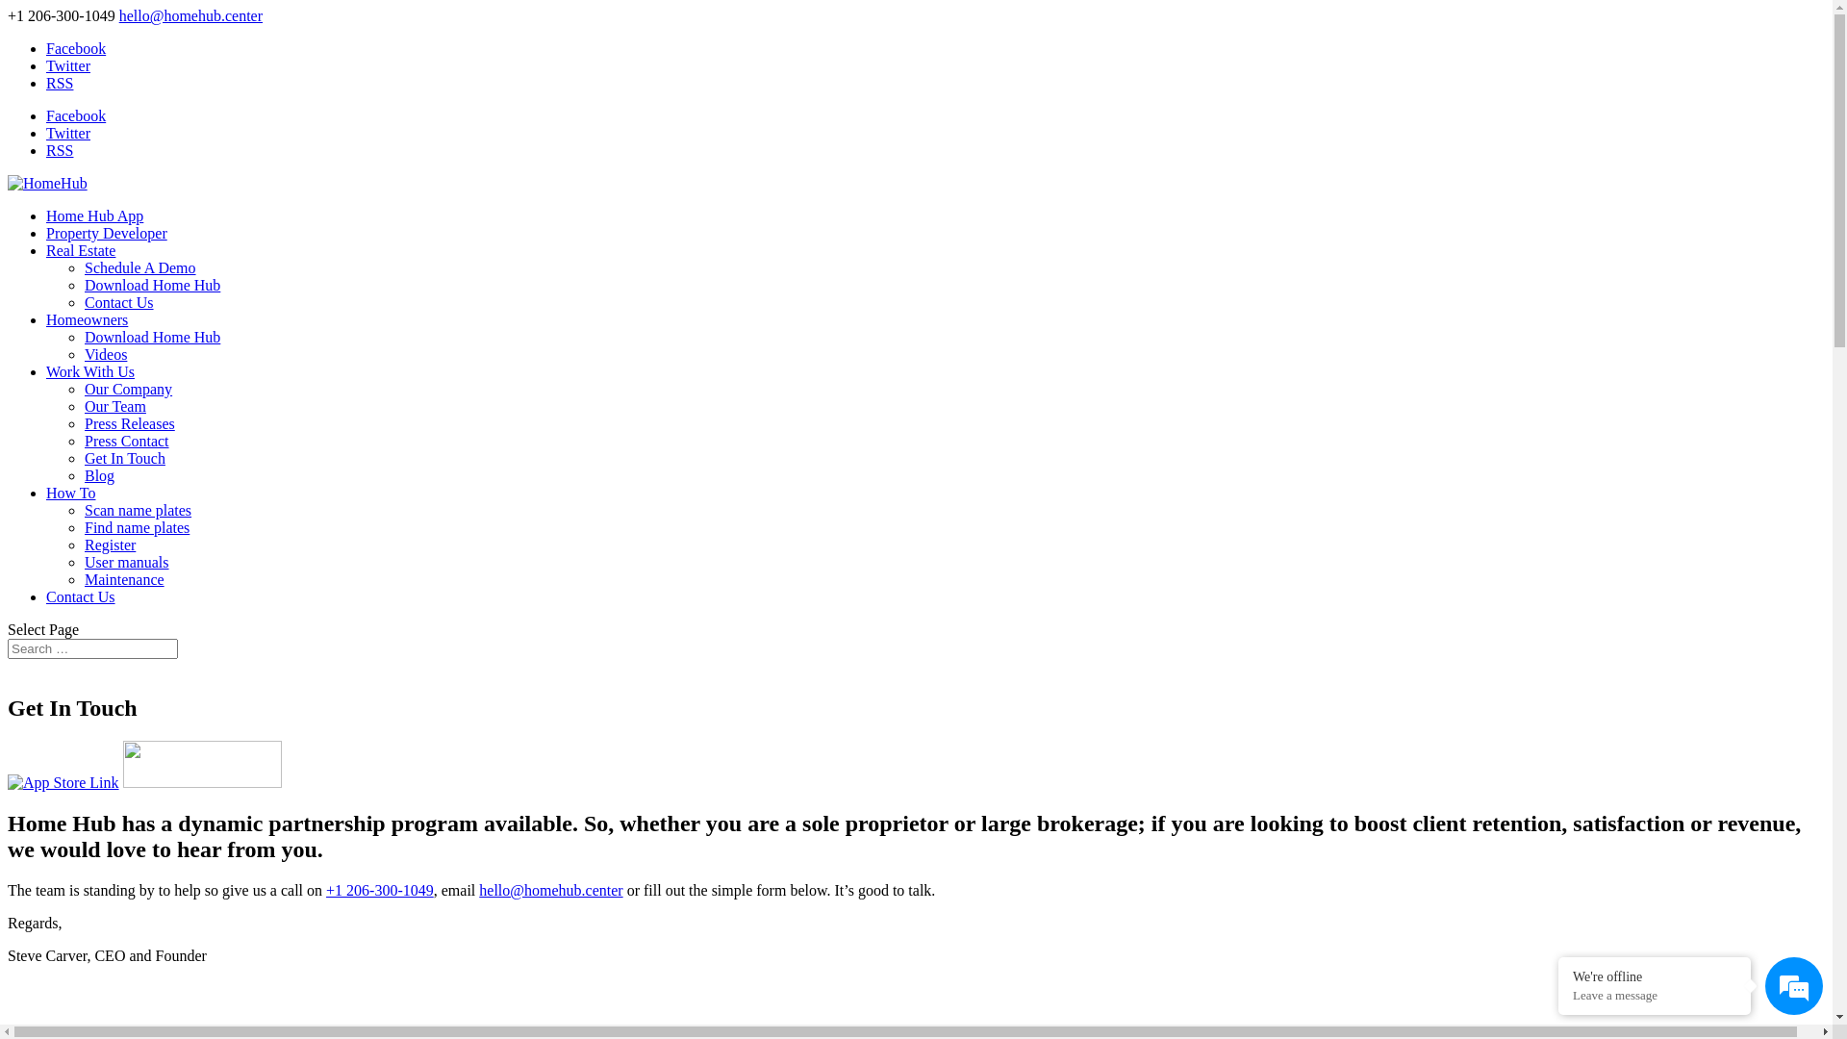 The width and height of the screenshot is (1847, 1039). I want to click on 'User manuals', so click(125, 562).